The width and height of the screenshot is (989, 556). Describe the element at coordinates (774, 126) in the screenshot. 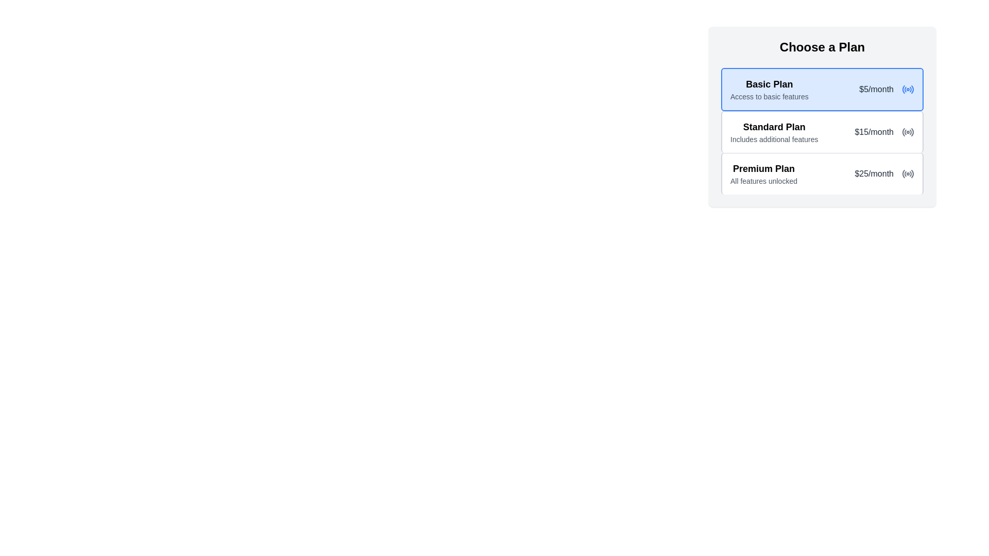

I see `the 'Standard Plan' text label which serves as the header title for the section, indicating the purpose of this option` at that location.